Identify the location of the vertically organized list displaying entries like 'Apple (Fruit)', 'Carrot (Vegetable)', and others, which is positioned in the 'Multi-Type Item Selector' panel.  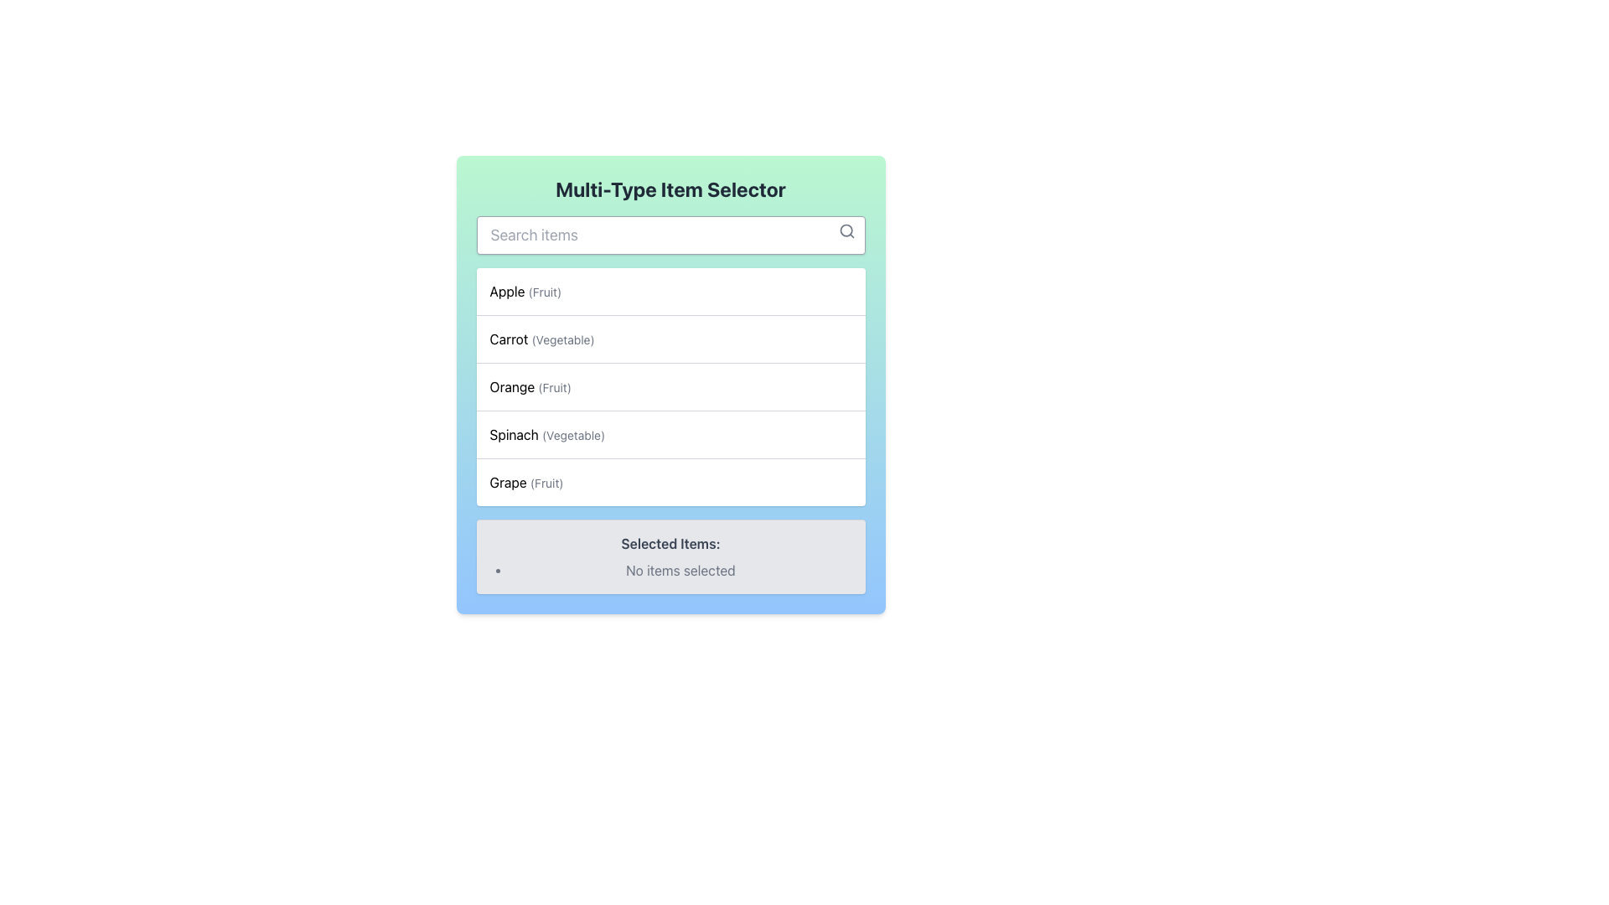
(670, 387).